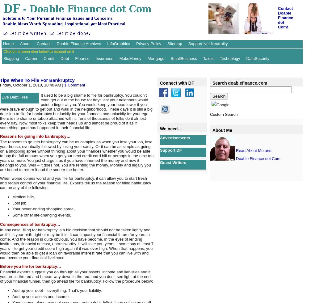 The height and width of the screenshot is (303, 315). What do you see at coordinates (56, 43) in the screenshot?
I see `'Doable Finance Archives'` at bounding box center [56, 43].